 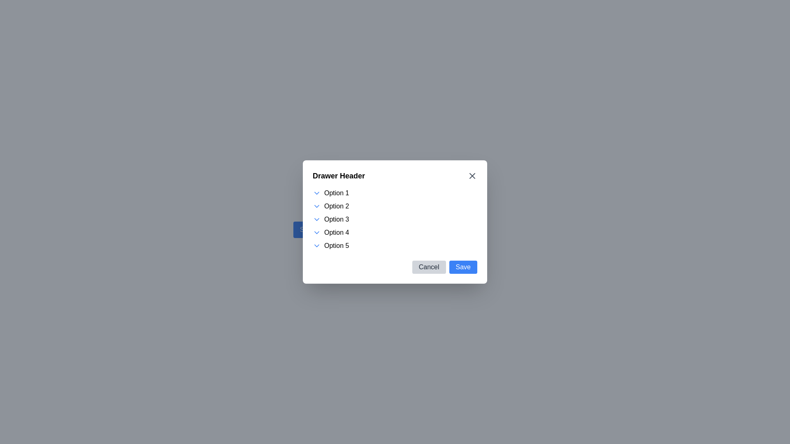 What do you see at coordinates (472, 176) in the screenshot?
I see `the Close Button Icon, which is a small 'X' shape located in the top-right corner of the dialog interface` at bounding box center [472, 176].